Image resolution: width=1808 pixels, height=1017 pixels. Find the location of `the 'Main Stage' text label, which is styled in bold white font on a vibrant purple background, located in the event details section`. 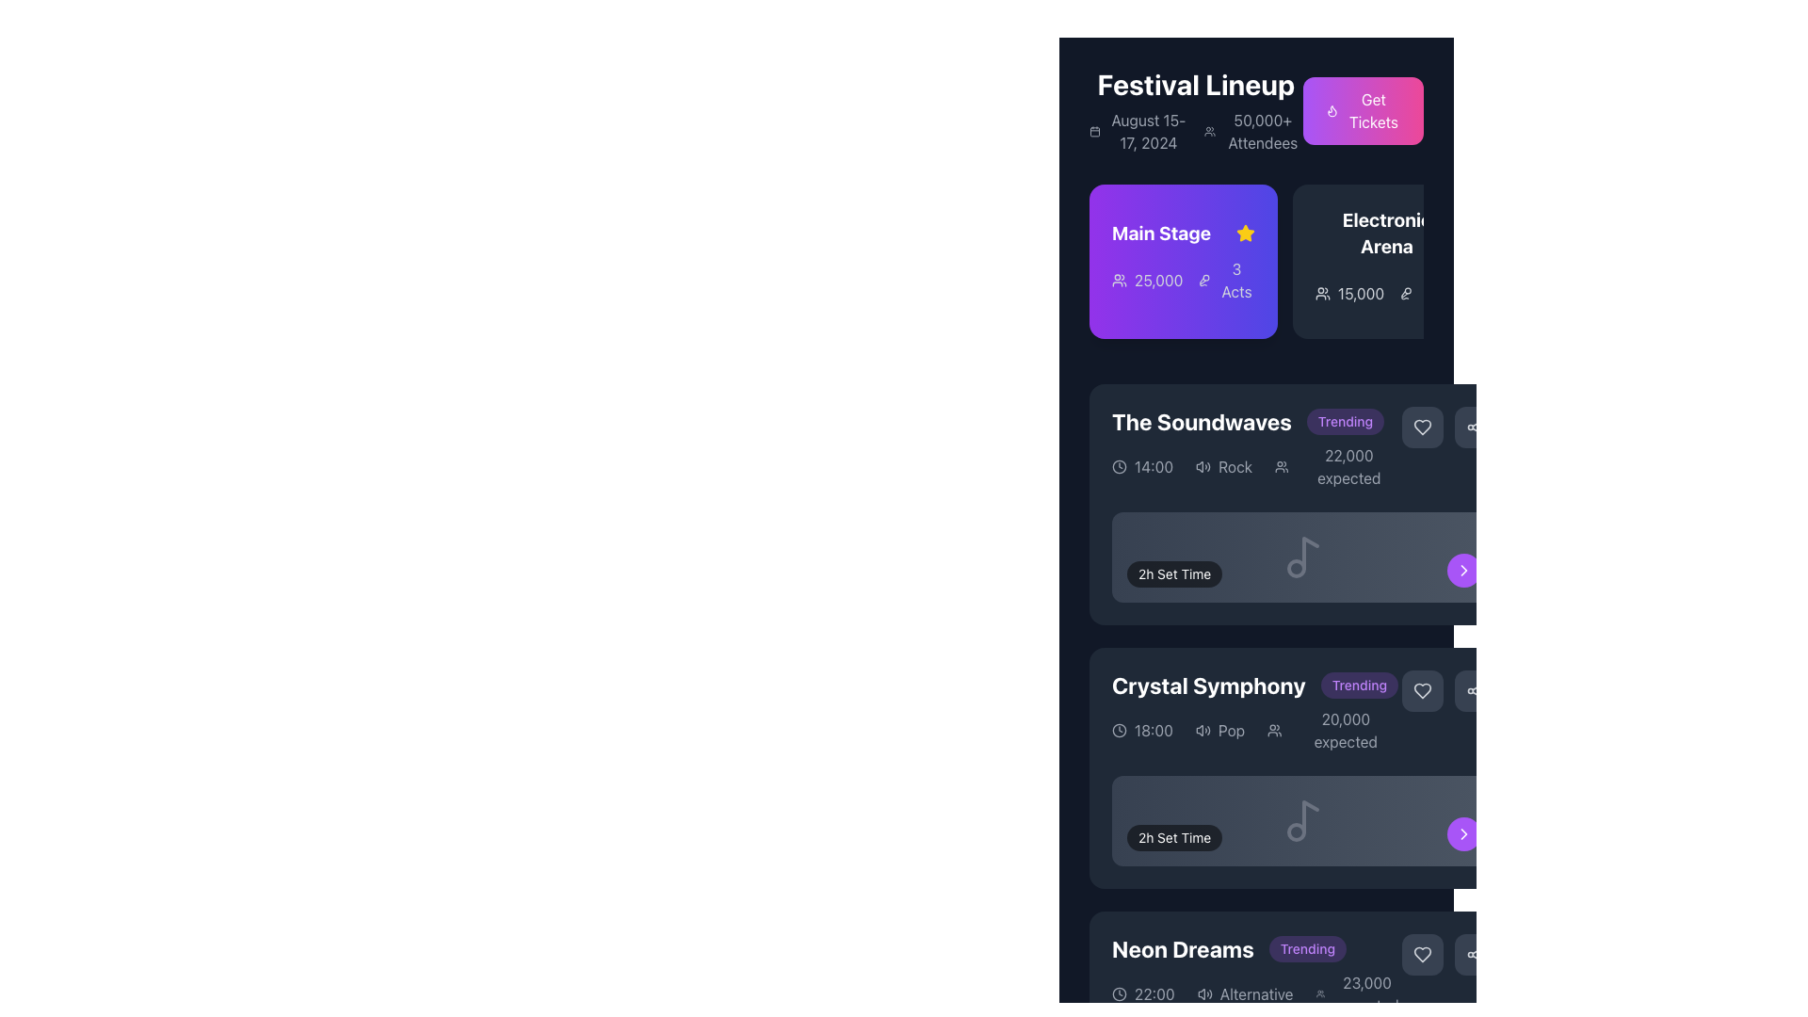

the 'Main Stage' text label, which is styled in bold white font on a vibrant purple background, located in the event details section is located at coordinates (1160, 232).